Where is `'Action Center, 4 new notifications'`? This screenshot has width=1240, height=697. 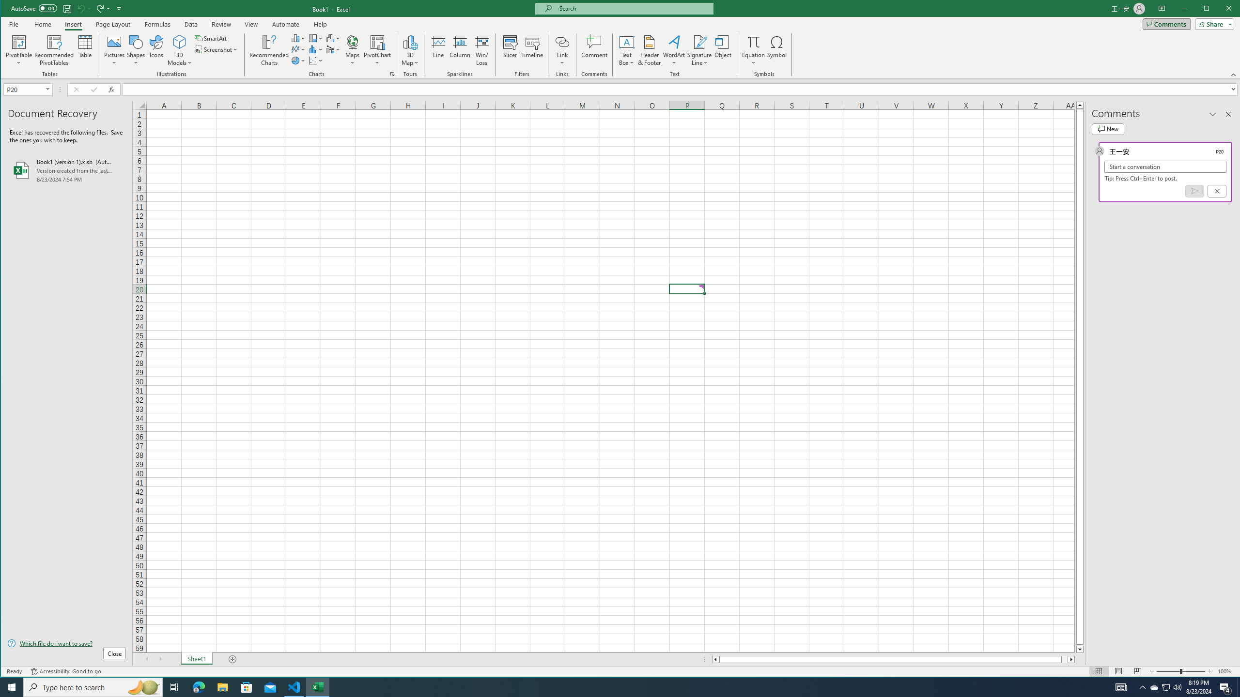
'Action Center, 4 new notifications' is located at coordinates (1225, 686).